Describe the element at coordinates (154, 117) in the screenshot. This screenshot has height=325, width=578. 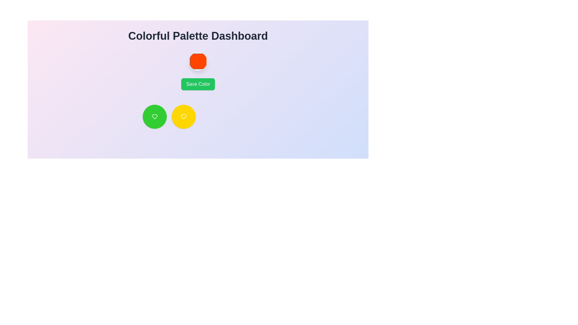
I see `the heart icon embedded within the green circular button, which represents a 'like' or 'favorite' action, located to the left of a yellow circular button` at that location.